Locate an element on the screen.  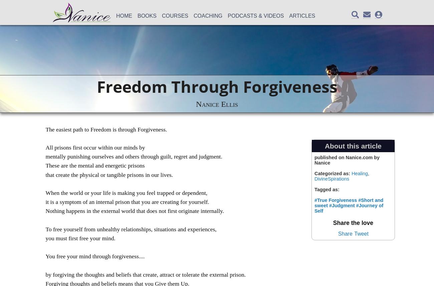
'by forgiving the thoughts and beliefs that create, attract or tolerate the external prison.' is located at coordinates (146, 274).